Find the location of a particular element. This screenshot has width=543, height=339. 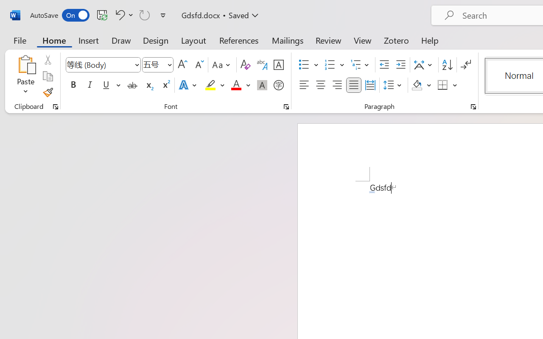

'Align Right' is located at coordinates (336, 85).